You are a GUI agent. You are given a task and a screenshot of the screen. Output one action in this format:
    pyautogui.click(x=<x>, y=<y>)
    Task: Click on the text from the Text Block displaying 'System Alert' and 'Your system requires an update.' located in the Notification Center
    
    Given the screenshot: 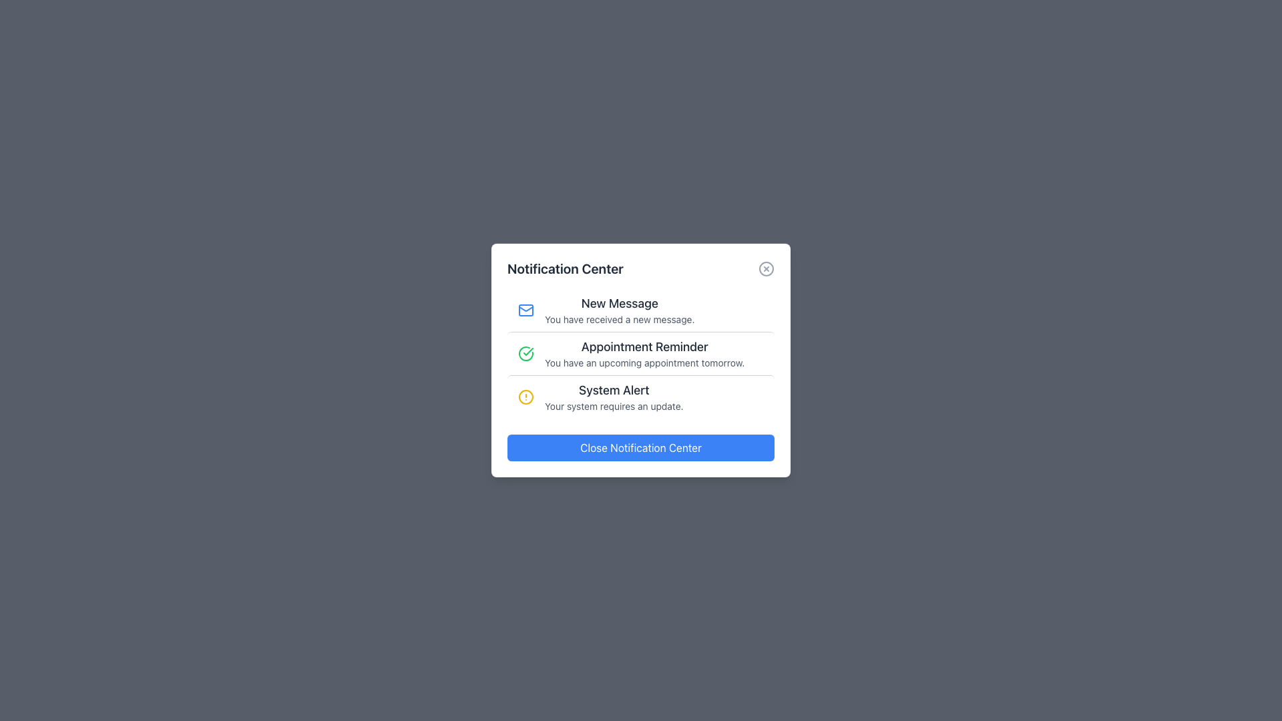 What is the action you would take?
    pyautogui.click(x=613, y=396)
    